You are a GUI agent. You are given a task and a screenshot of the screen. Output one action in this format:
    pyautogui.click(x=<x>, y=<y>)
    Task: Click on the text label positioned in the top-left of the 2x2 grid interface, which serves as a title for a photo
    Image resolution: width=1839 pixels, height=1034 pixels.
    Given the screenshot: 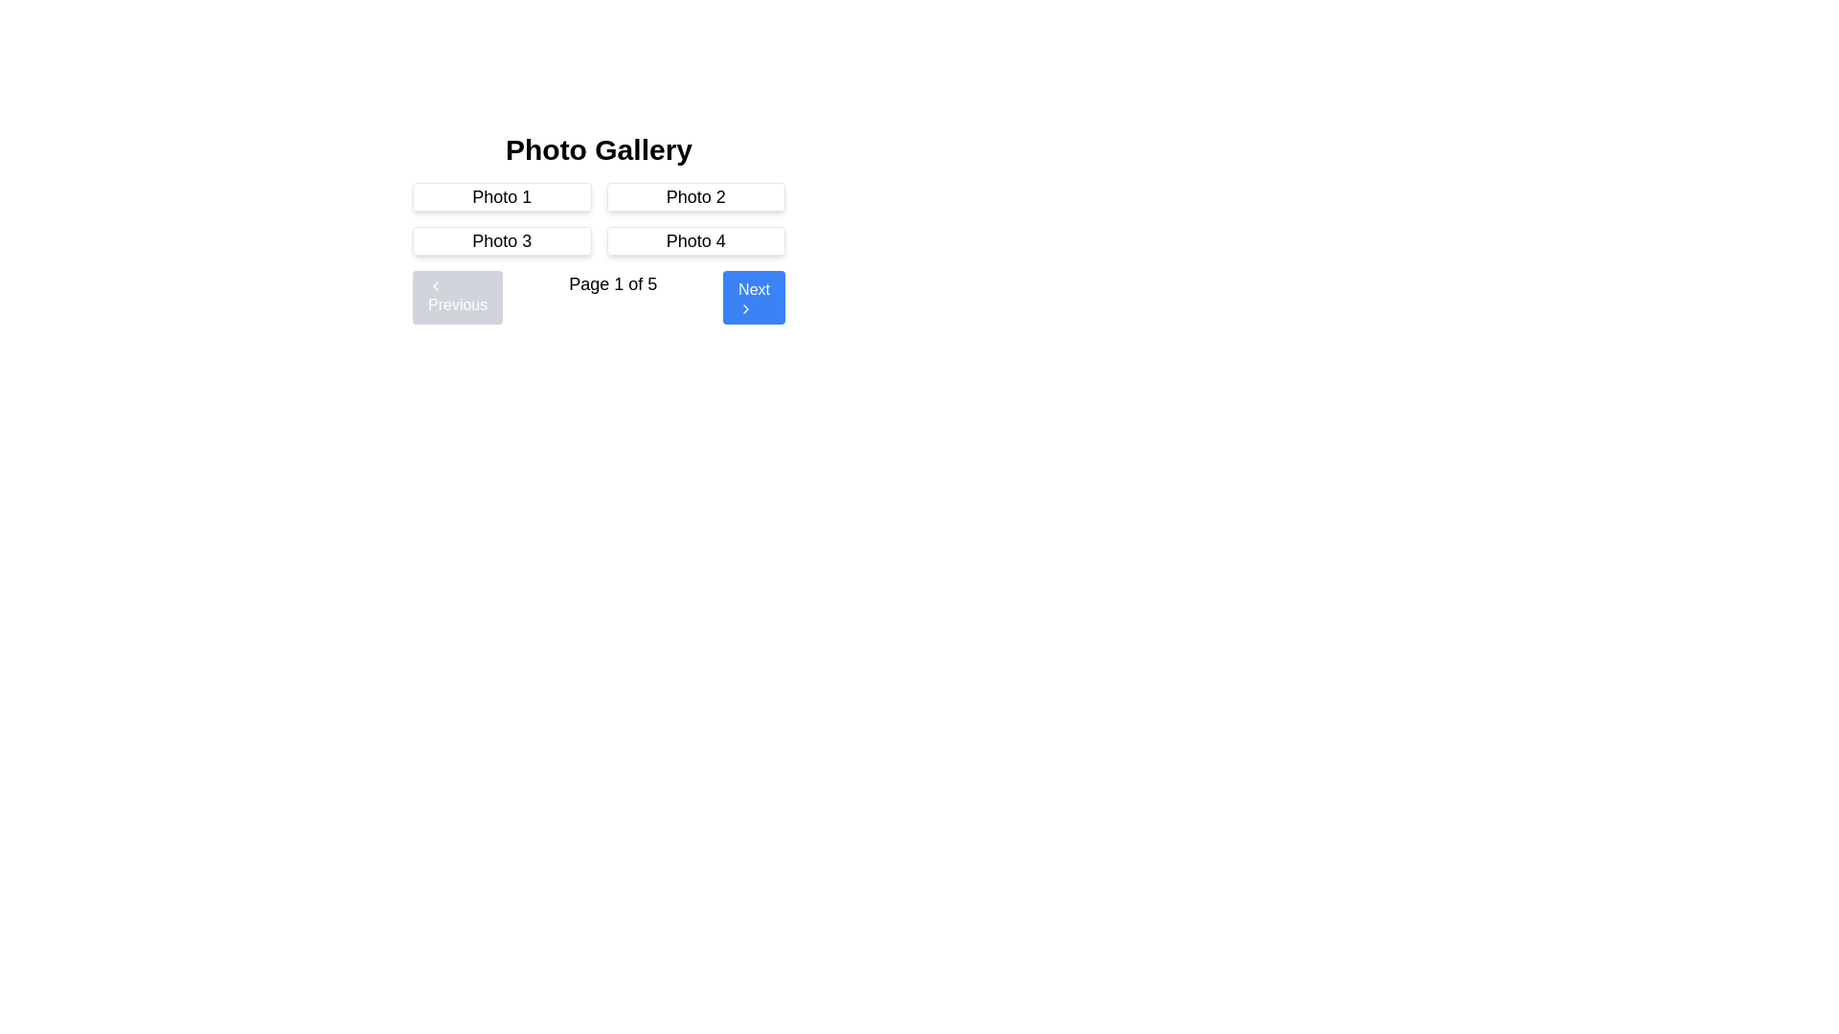 What is the action you would take?
    pyautogui.click(x=502, y=196)
    